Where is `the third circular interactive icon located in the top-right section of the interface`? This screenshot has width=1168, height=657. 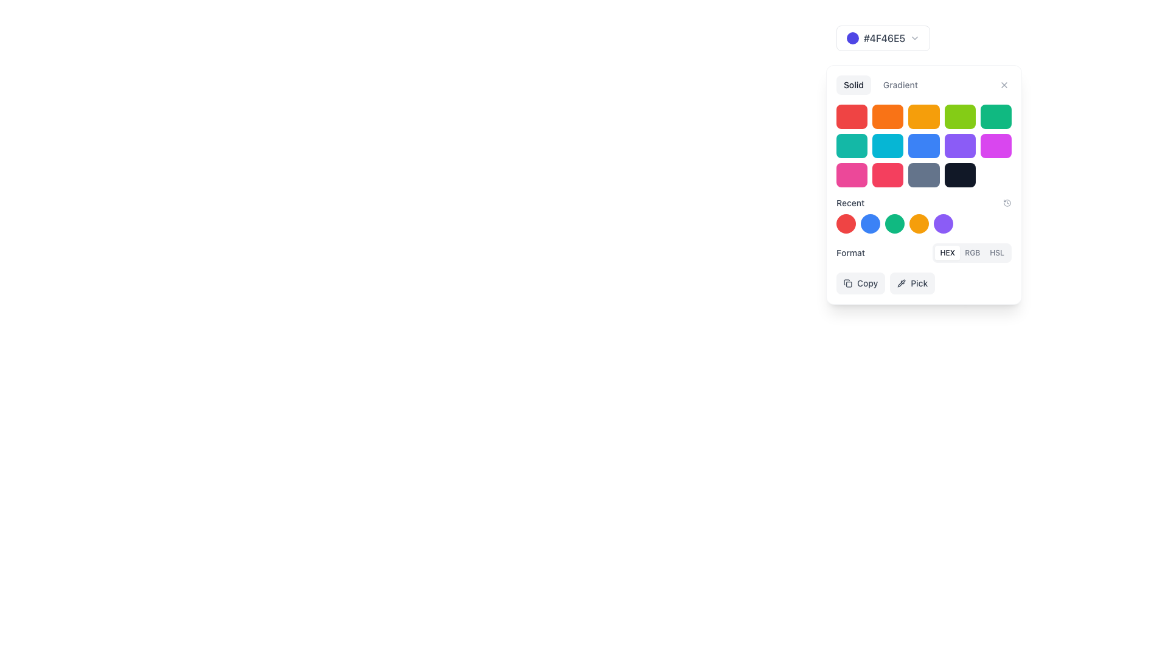
the third circular interactive icon located in the top-right section of the interface is located at coordinates (894, 223).